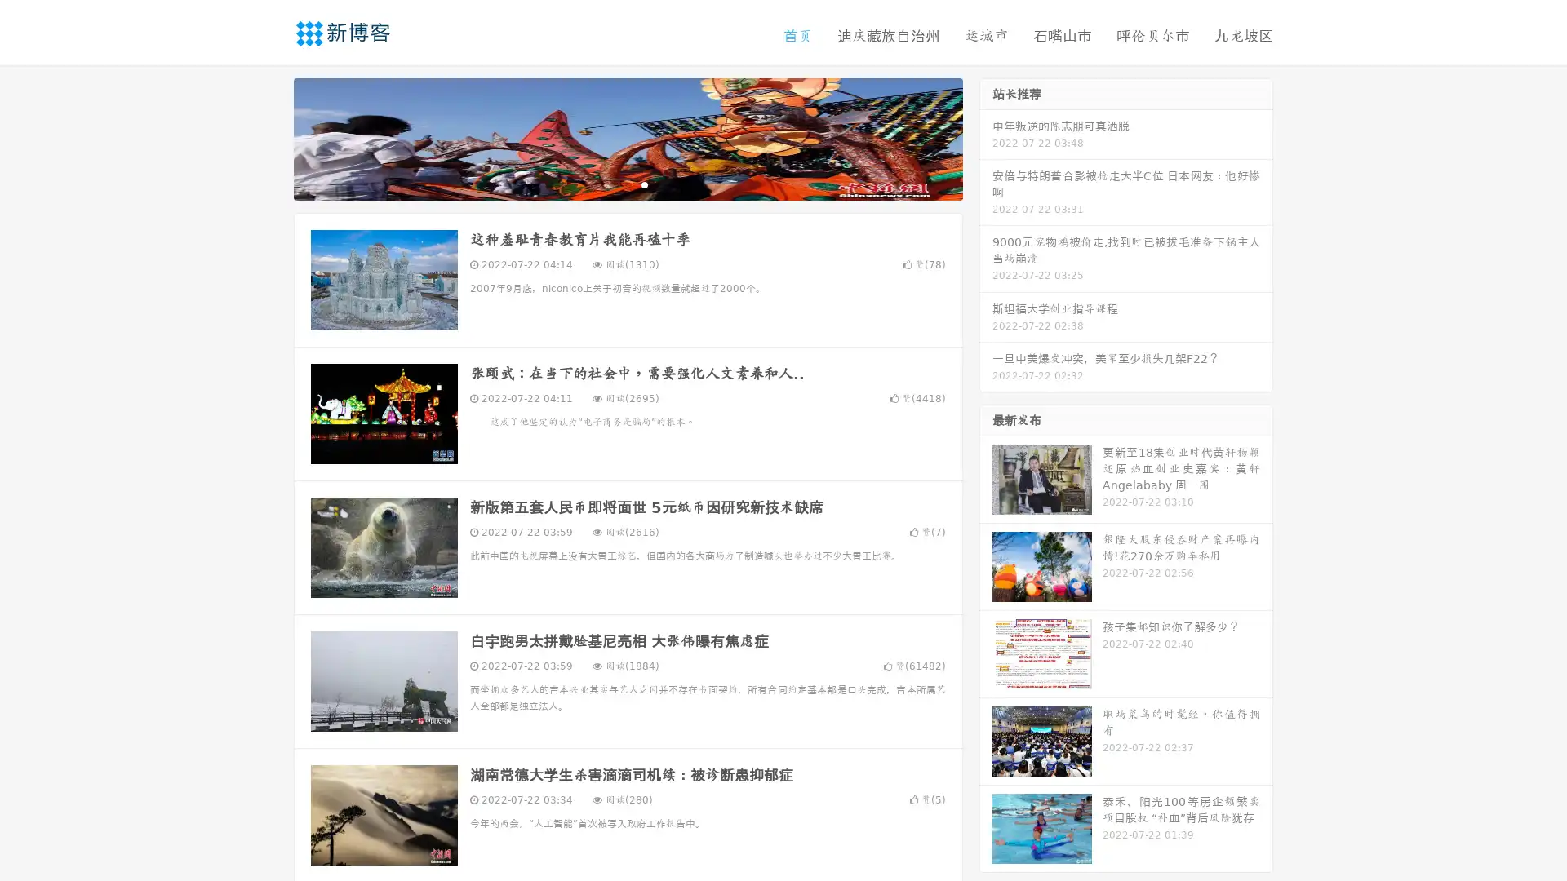 The width and height of the screenshot is (1567, 881). What do you see at coordinates (627, 184) in the screenshot?
I see `Go to slide 2` at bounding box center [627, 184].